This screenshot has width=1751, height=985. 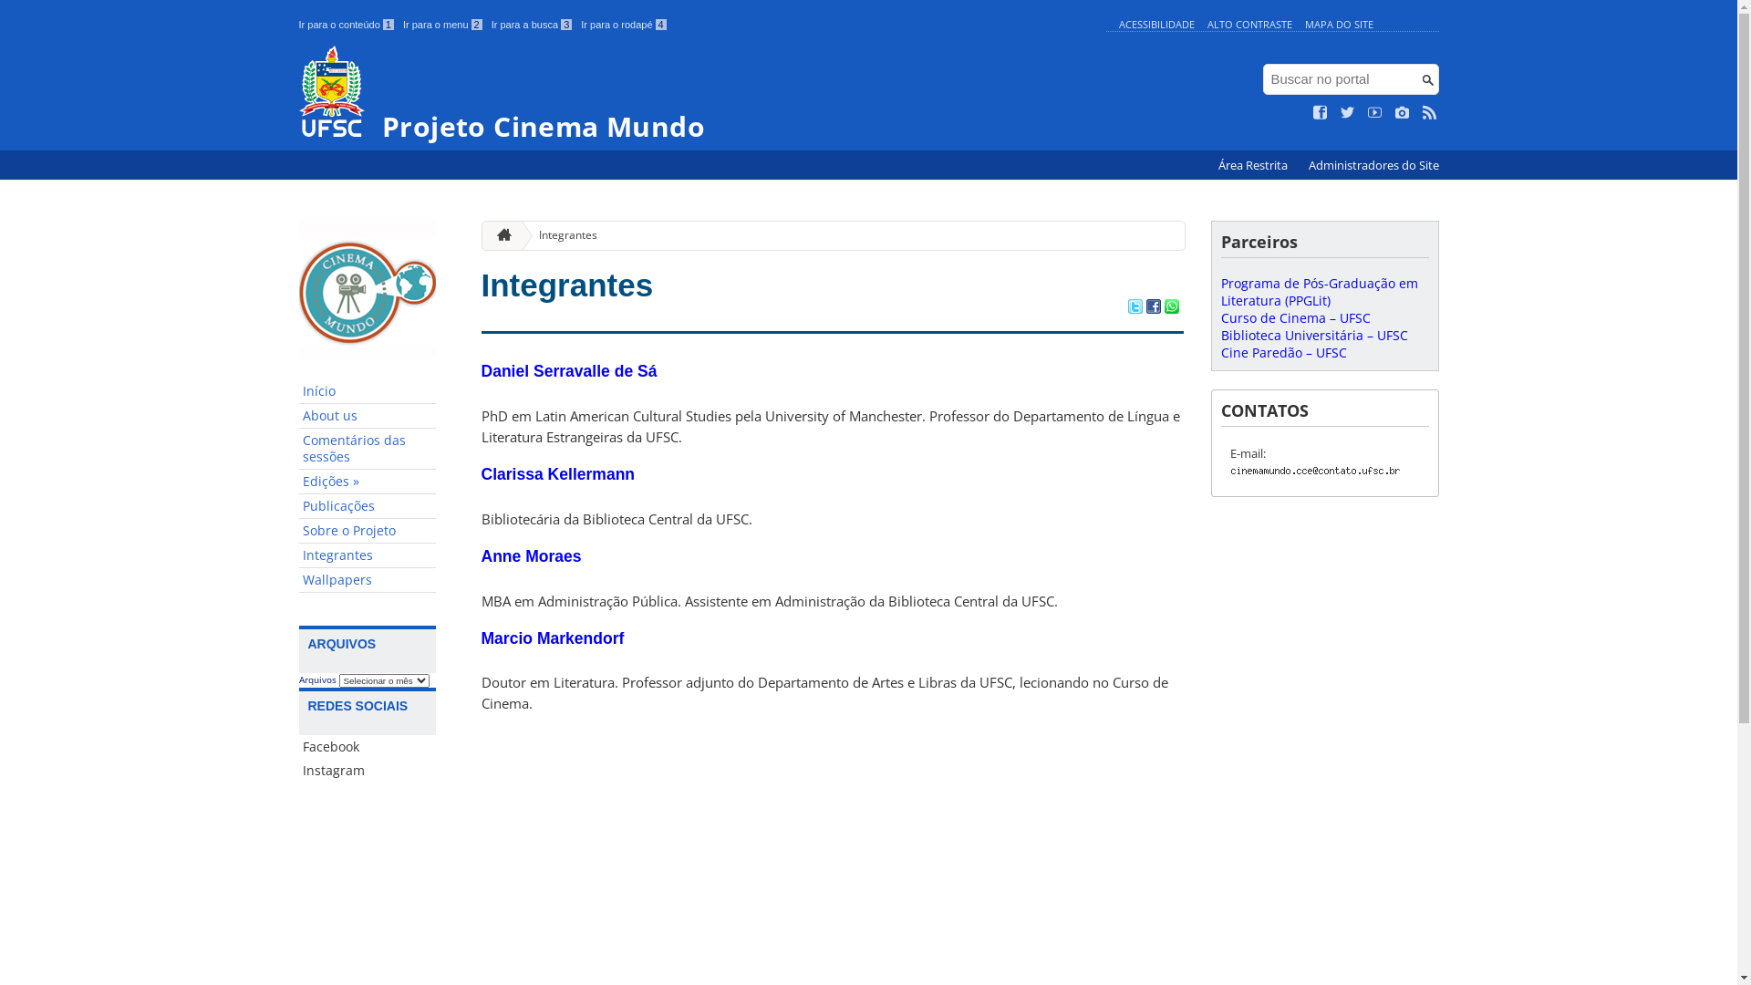 I want to click on 'Marcio Markendorf', so click(x=552, y=637).